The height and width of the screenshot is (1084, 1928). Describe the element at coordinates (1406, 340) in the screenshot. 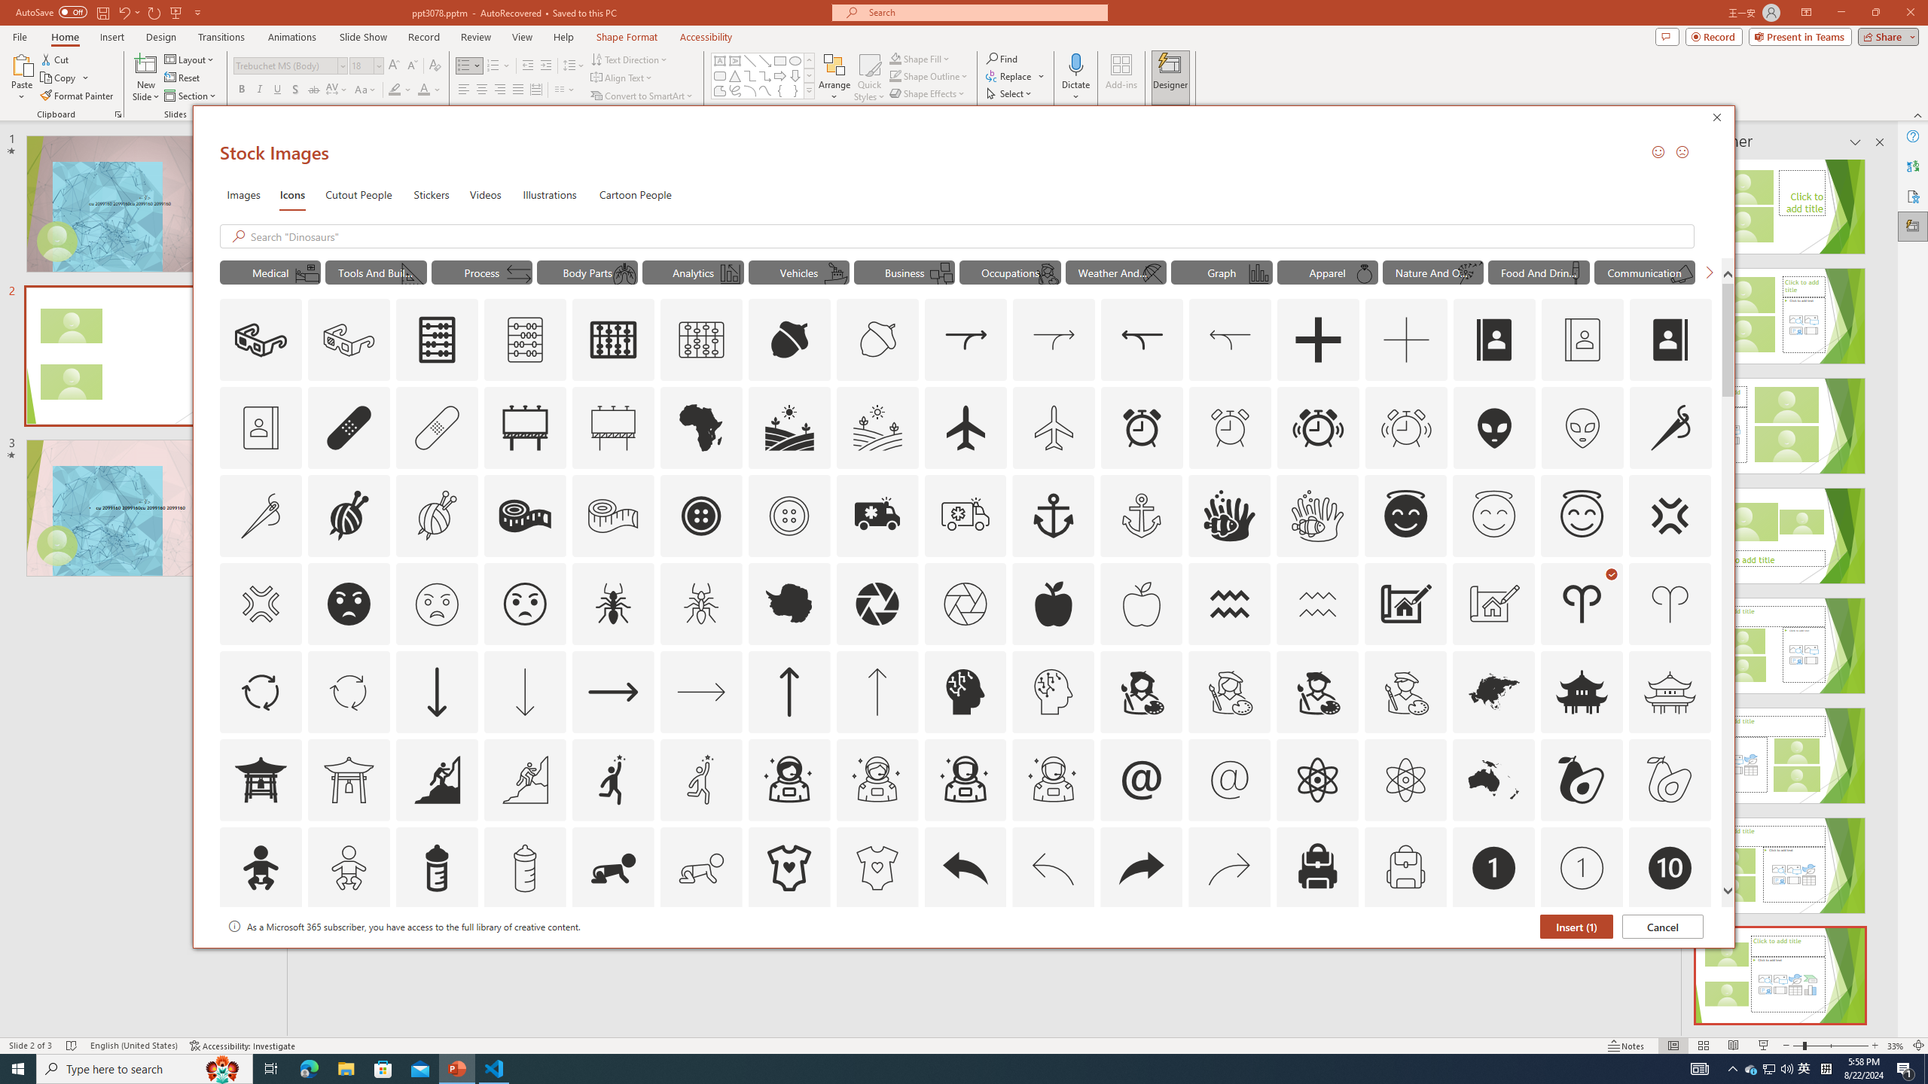

I see `'AutomationID: Icons_Add_M'` at that location.